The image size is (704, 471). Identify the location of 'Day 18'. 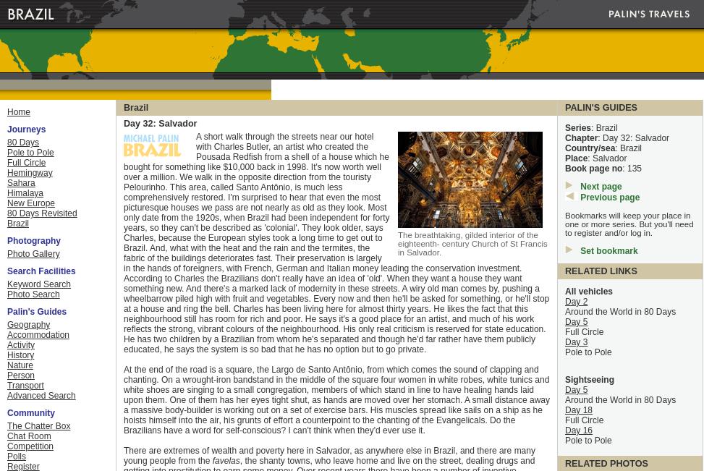
(578, 410).